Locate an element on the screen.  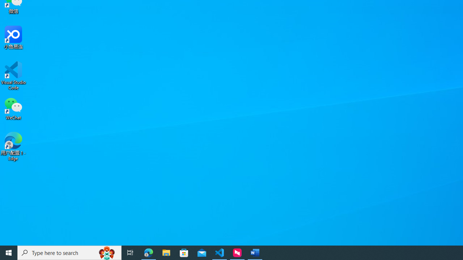
'Search highlights icon opens search home window' is located at coordinates (106, 252).